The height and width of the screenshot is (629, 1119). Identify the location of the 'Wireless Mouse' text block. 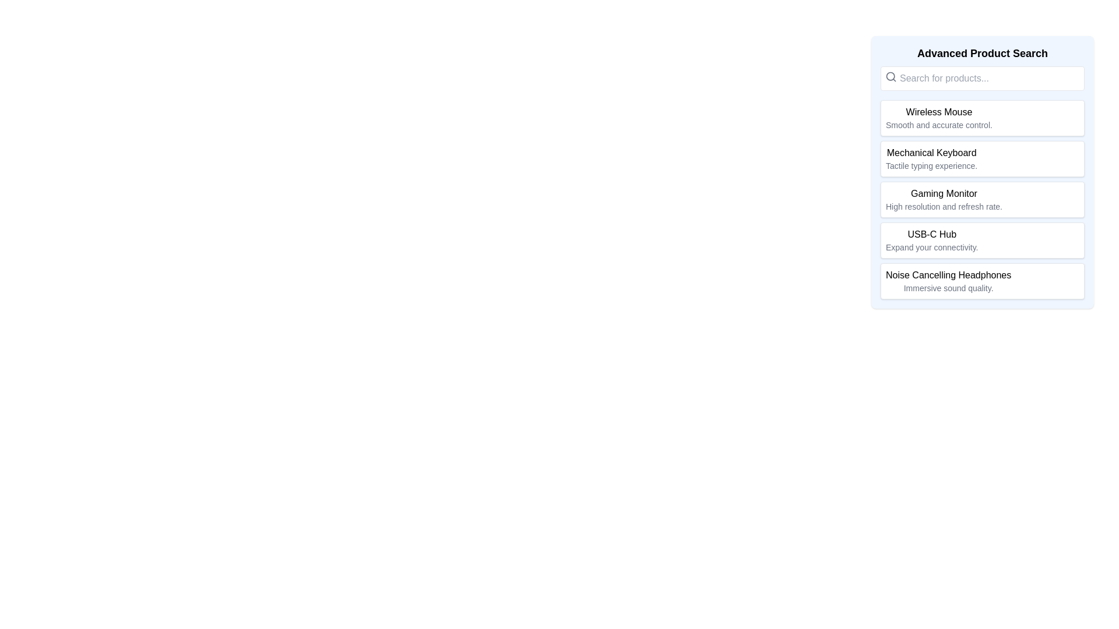
(939, 118).